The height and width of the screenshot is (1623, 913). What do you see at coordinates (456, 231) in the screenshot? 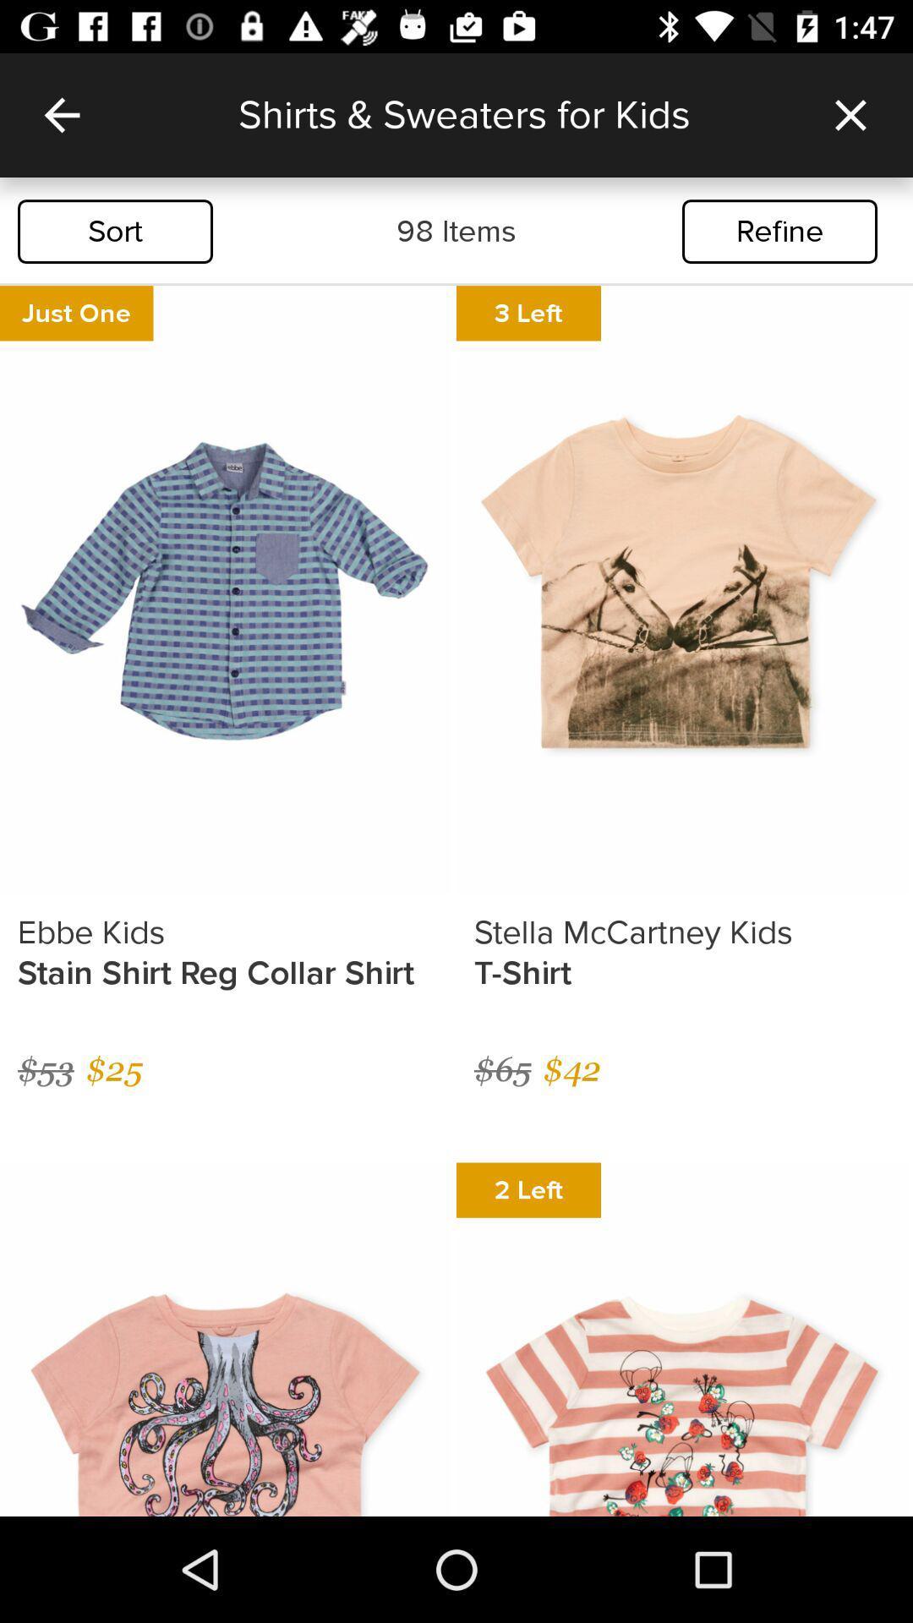
I see `icon to the left of the refine item` at bounding box center [456, 231].